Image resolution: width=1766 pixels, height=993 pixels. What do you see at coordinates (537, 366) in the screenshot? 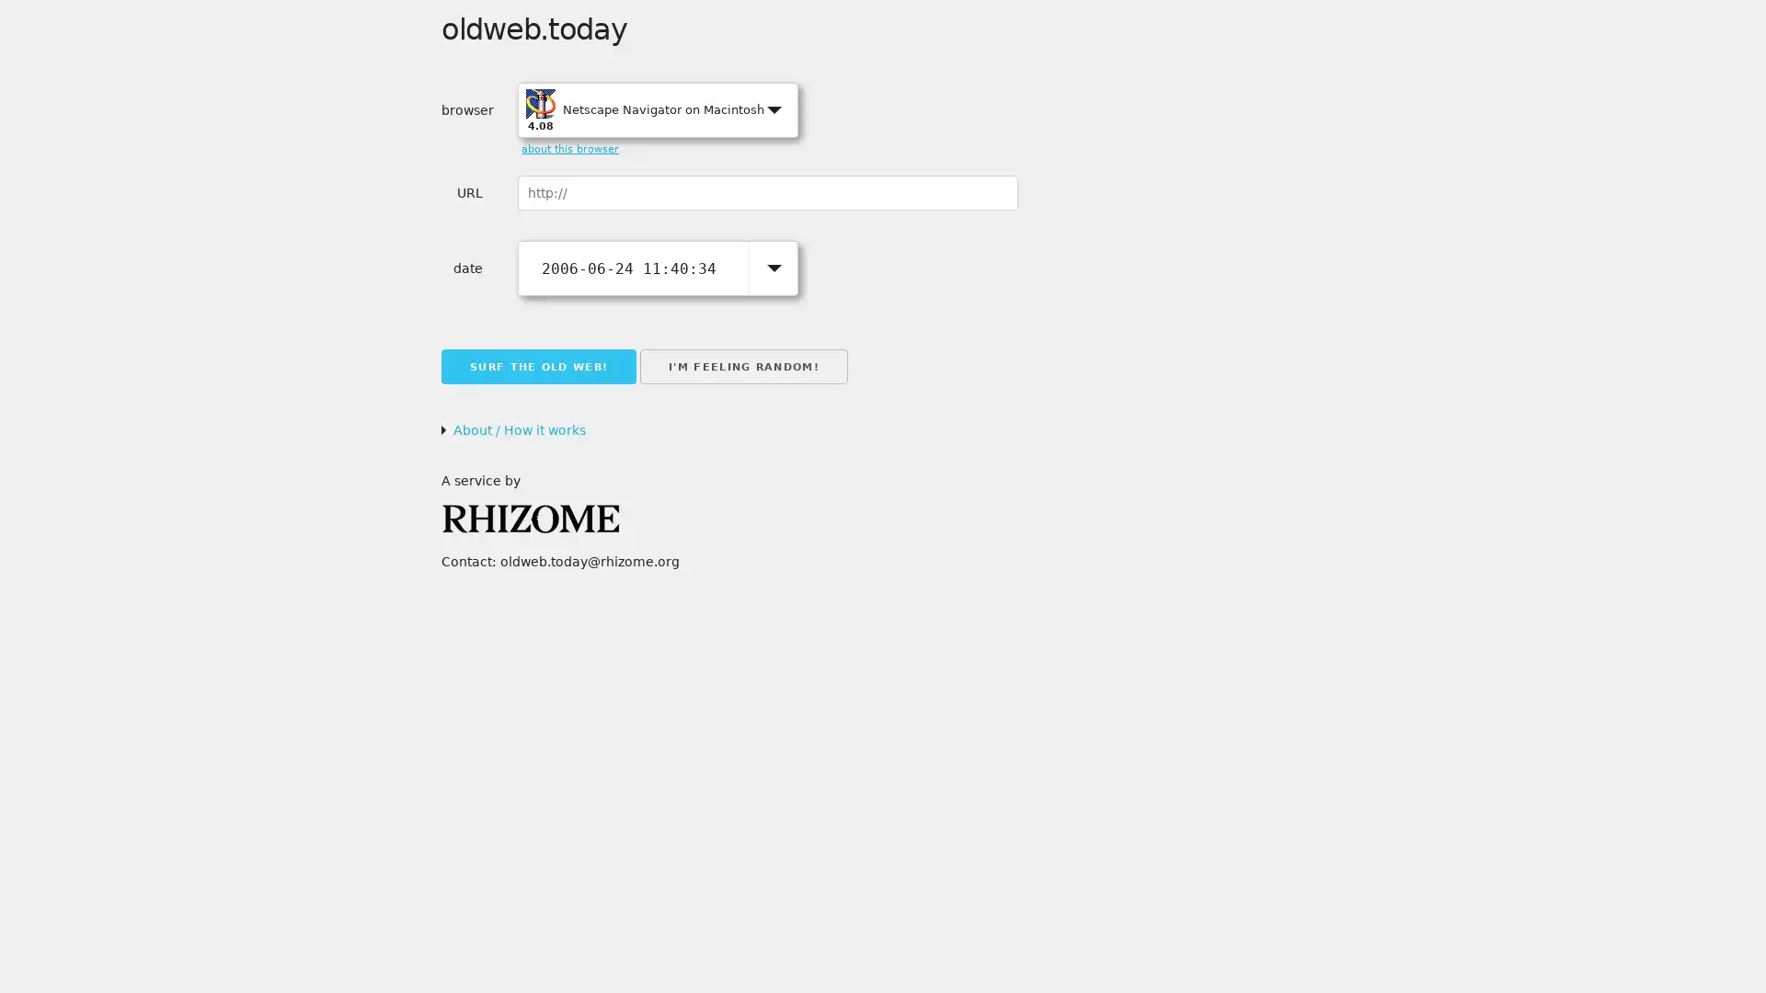
I see `SURF THE OLD WEB!` at bounding box center [537, 366].